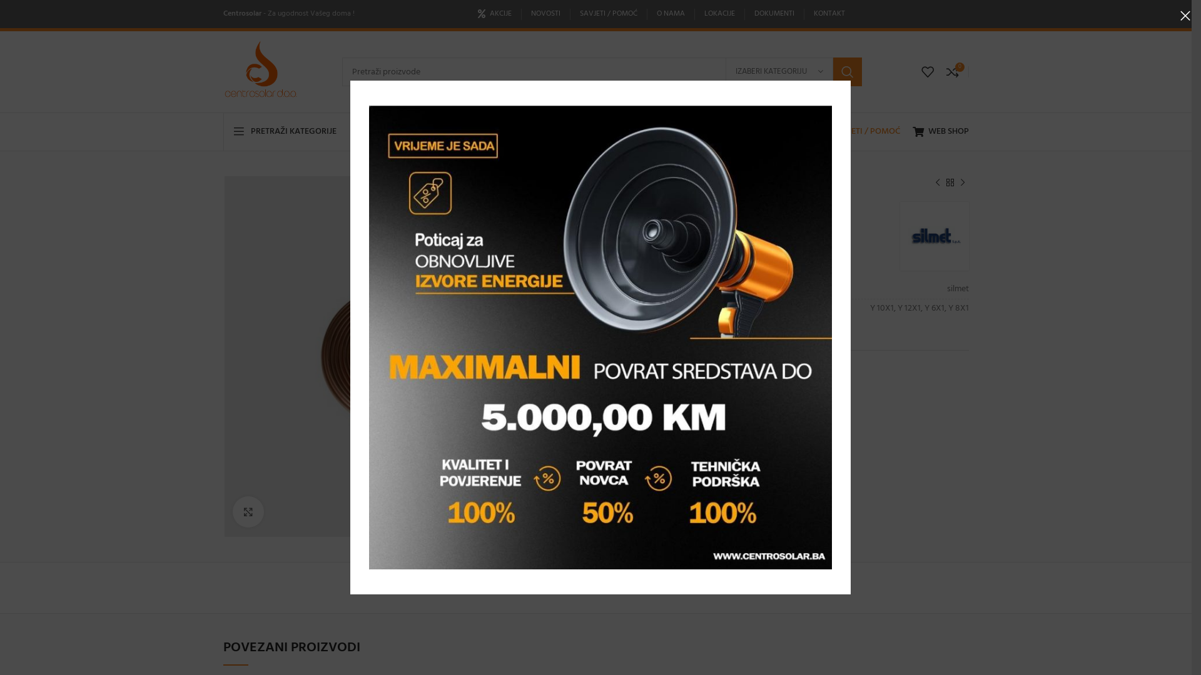 This screenshot has width=1201, height=675. I want to click on 'silmet', so click(906, 236).